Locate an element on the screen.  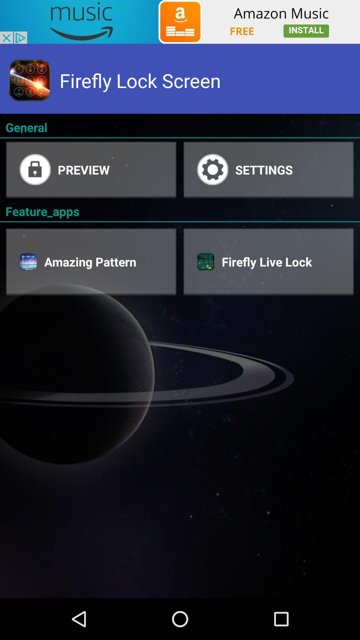
showing advertisements is located at coordinates (180, 22).